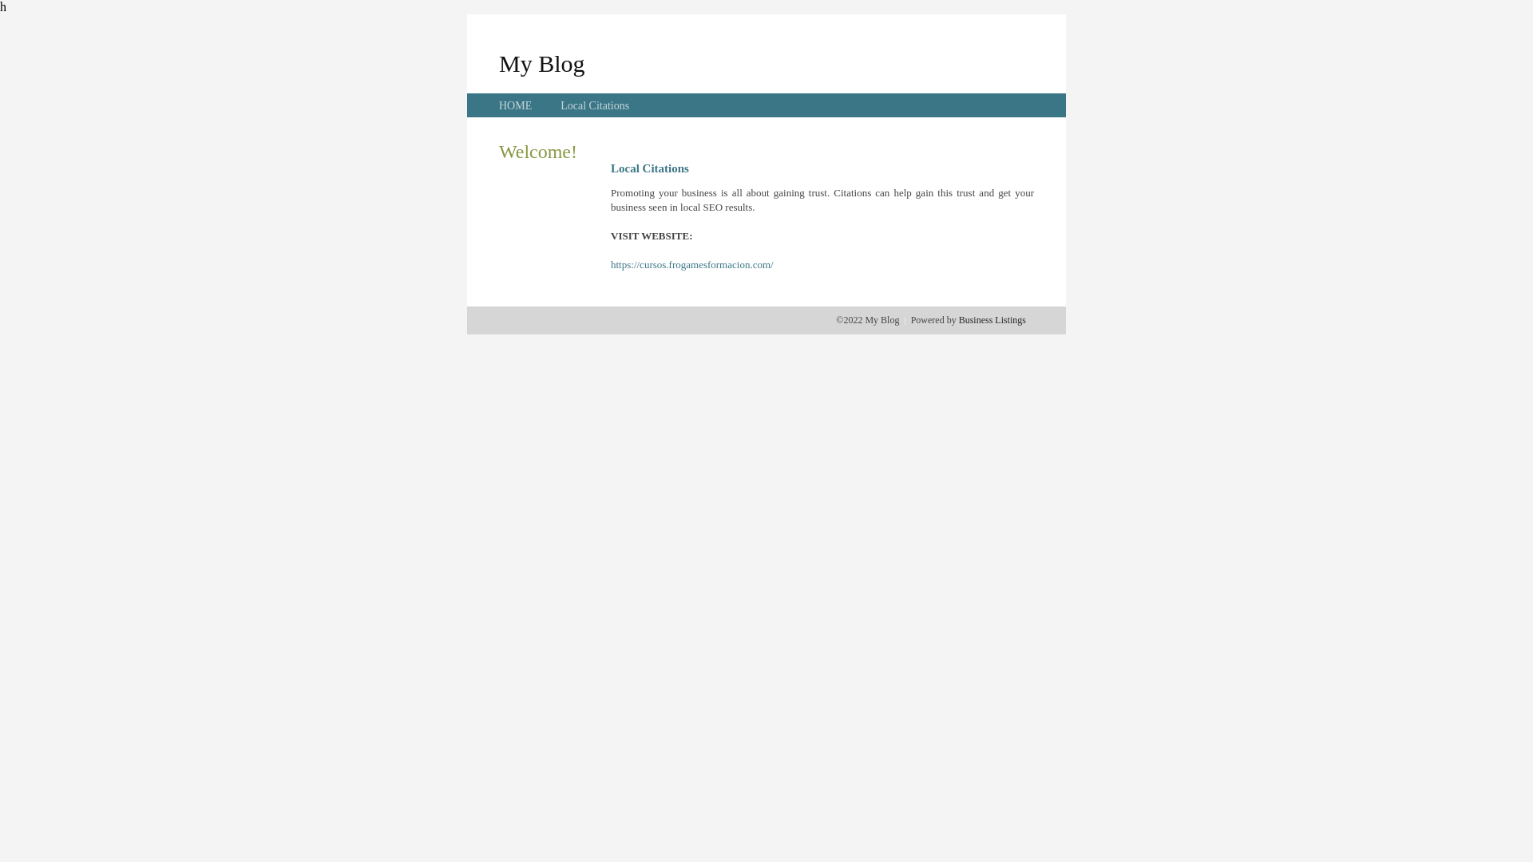  I want to click on 'Local Citations', so click(593, 105).